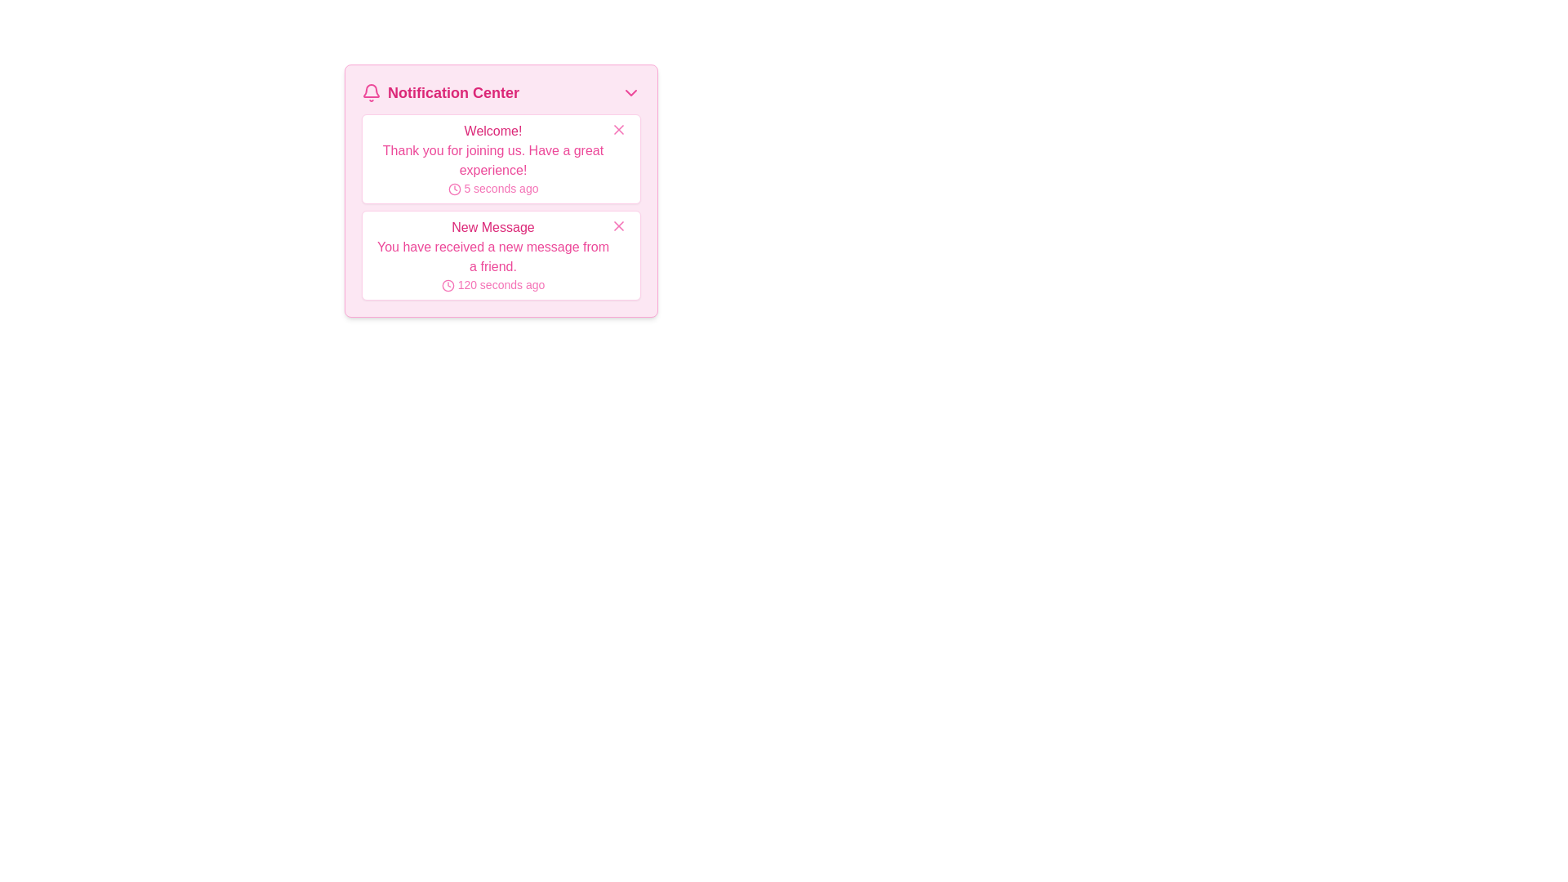 This screenshot has height=882, width=1568. What do you see at coordinates (492, 255) in the screenshot?
I see `text on the second notification card in the Notification Center, which summarizes the type of notification, the content of the message, and when it was received` at bounding box center [492, 255].